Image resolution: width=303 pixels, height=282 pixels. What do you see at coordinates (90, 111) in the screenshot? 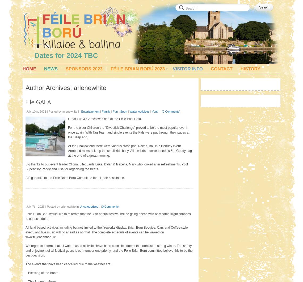
I see `'Entertainment'` at bounding box center [90, 111].